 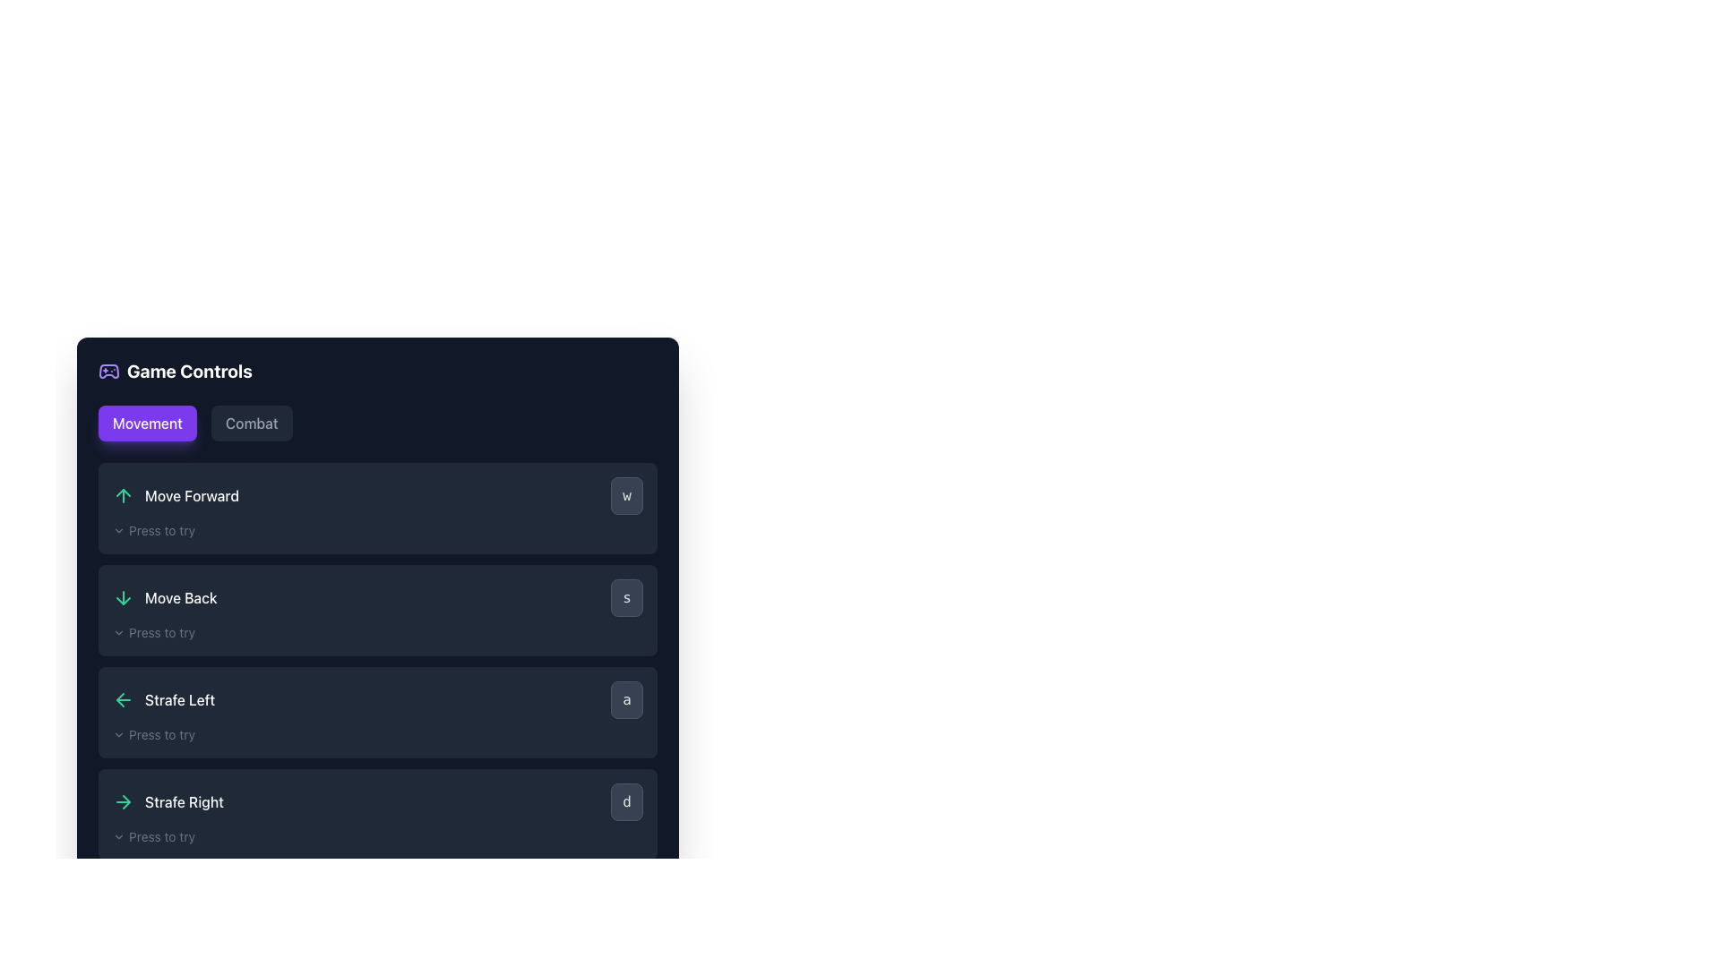 What do you see at coordinates (123, 699) in the screenshot?
I see `the 'Strafe Left' icon located in the third control of the 'Movement' section in the 'Game Controls' panel` at bounding box center [123, 699].